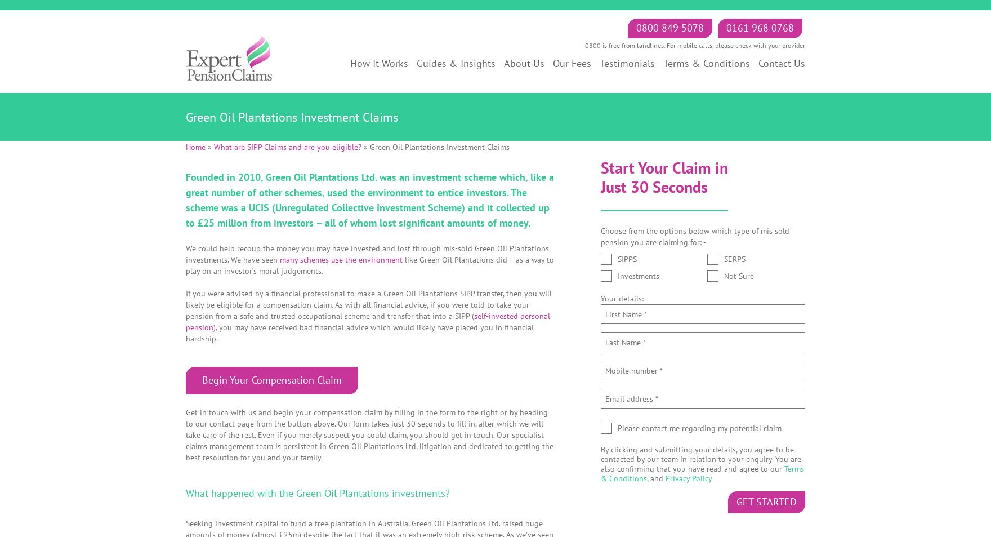 The width and height of the screenshot is (991, 537). Describe the element at coordinates (367, 253) in the screenshot. I see `'mis-sold Green Oil Plantations investments'` at that location.